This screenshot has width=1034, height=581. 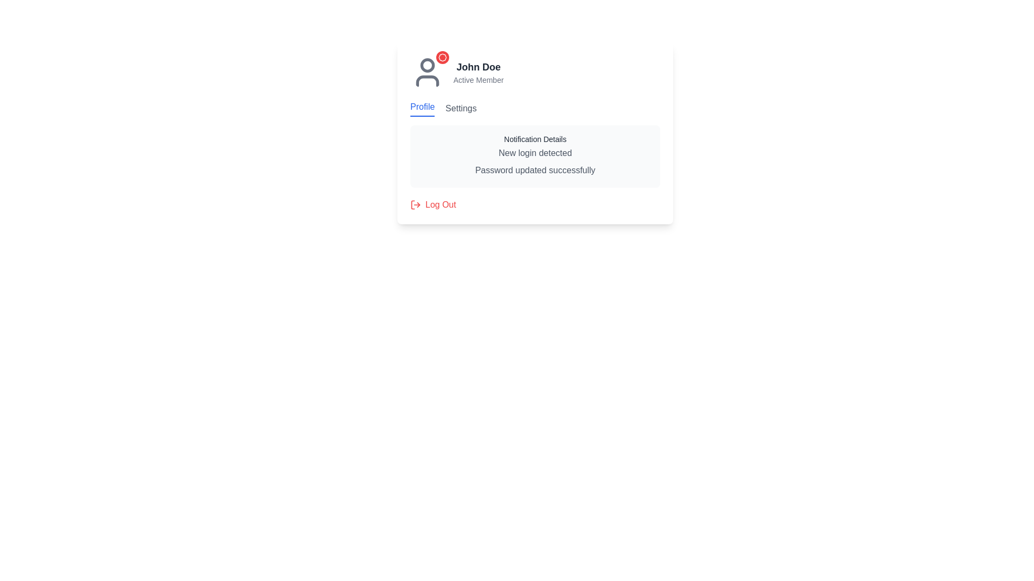 What do you see at coordinates (535, 169) in the screenshot?
I see `information presented in the static text label that displays 'Password updated successfully', which is positioned below the 'New login detected' label in the 'Notification Details' section` at bounding box center [535, 169].